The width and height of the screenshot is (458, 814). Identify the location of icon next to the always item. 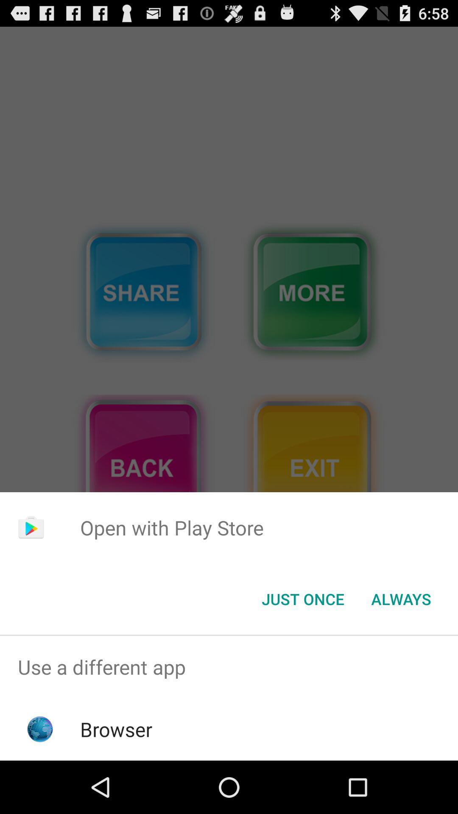
(302, 598).